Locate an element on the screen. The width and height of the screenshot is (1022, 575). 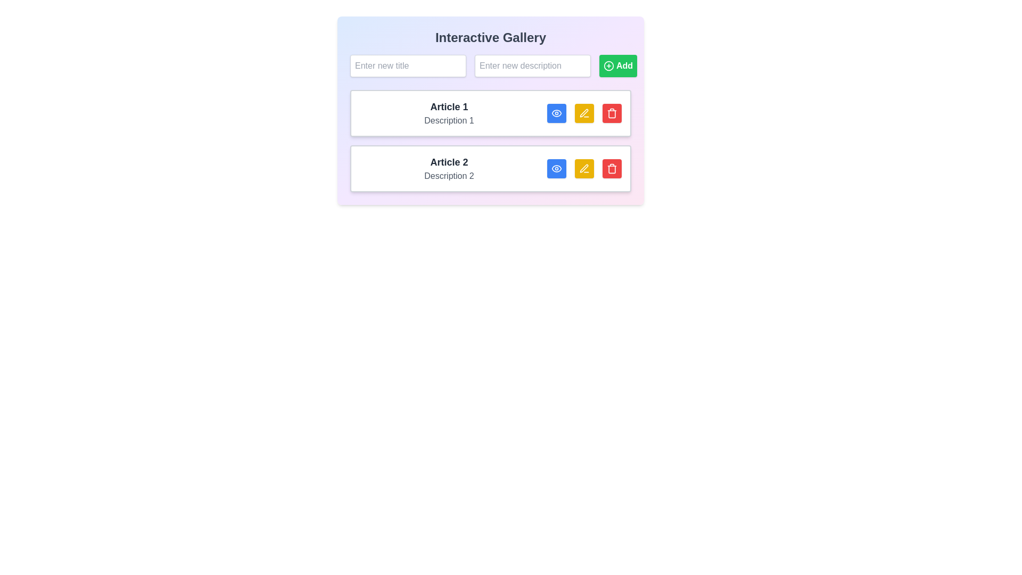
the blue button with an eye icon located in the interactive options section of 'Article 2' is located at coordinates (556, 168).